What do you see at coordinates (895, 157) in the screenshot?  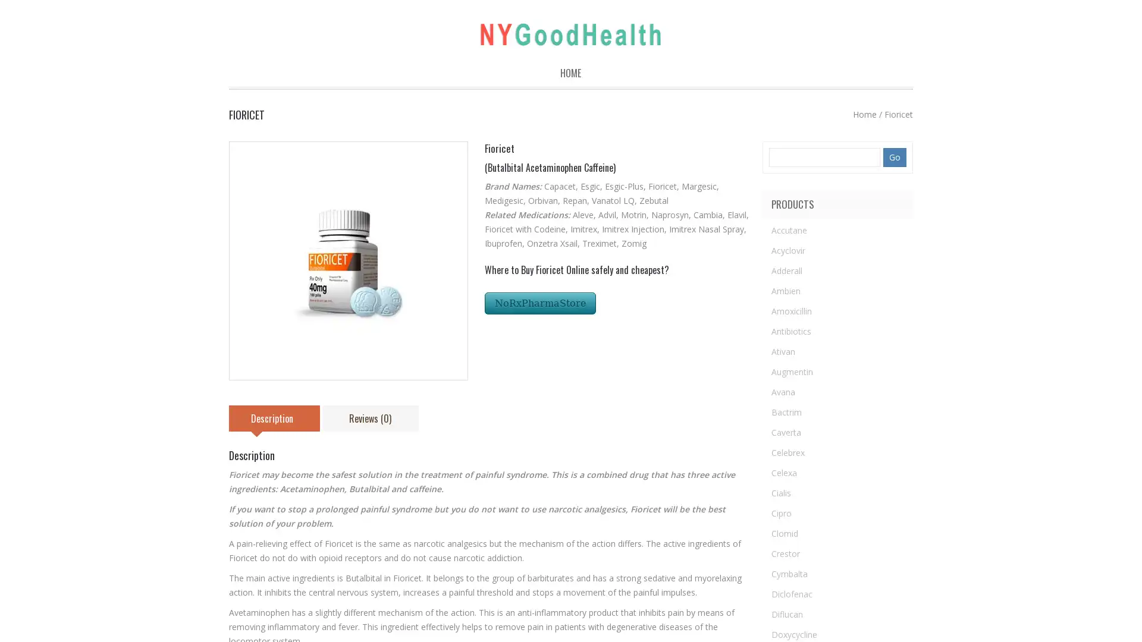 I see `Go` at bounding box center [895, 157].